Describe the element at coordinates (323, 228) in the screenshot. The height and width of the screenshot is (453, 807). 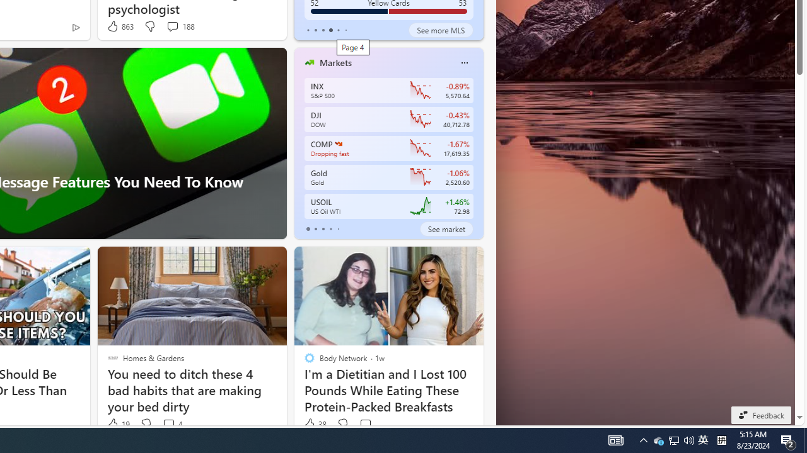
I see `'tab-2'` at that location.